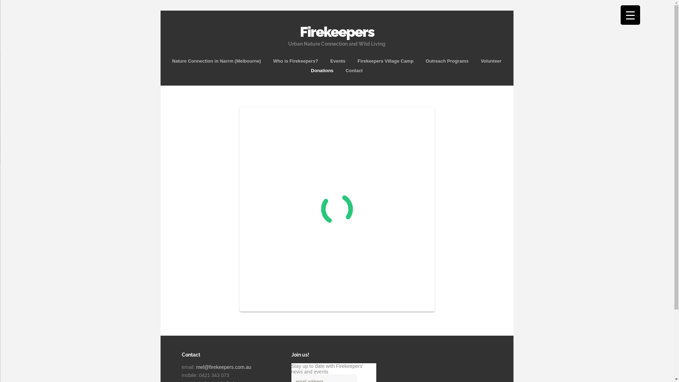  I want to click on 'Skip to content', so click(336, 55).